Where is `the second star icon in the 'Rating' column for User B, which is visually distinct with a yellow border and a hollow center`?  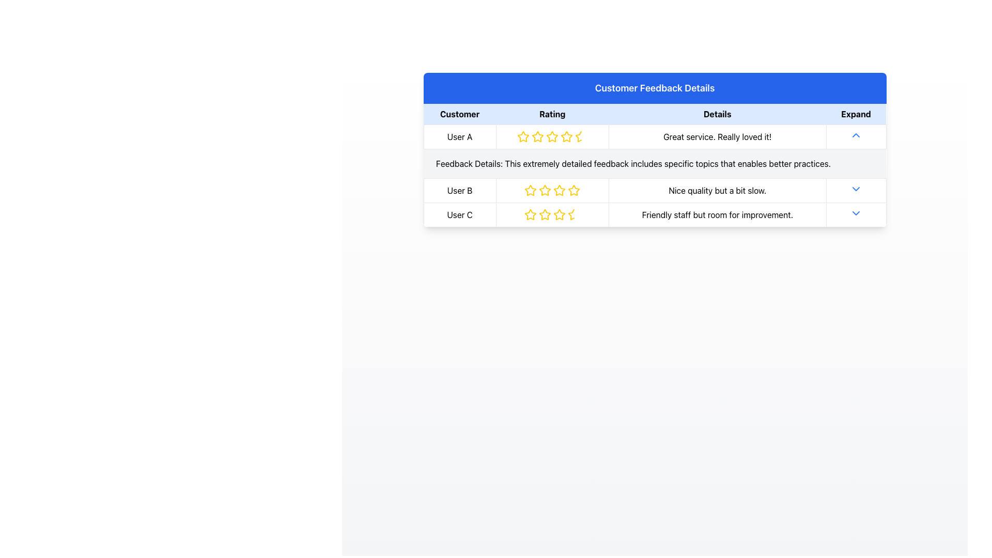
the second star icon in the 'Rating' column for User B, which is visually distinct with a yellow border and a hollow center is located at coordinates (531, 190).